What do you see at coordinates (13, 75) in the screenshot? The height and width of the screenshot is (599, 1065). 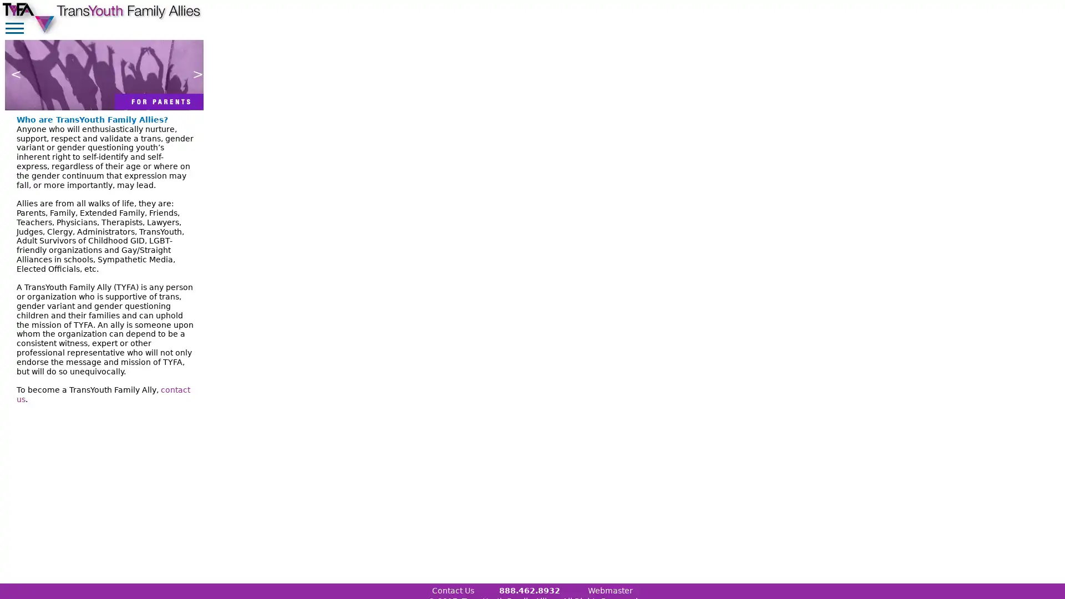 I see `previous` at bounding box center [13, 75].